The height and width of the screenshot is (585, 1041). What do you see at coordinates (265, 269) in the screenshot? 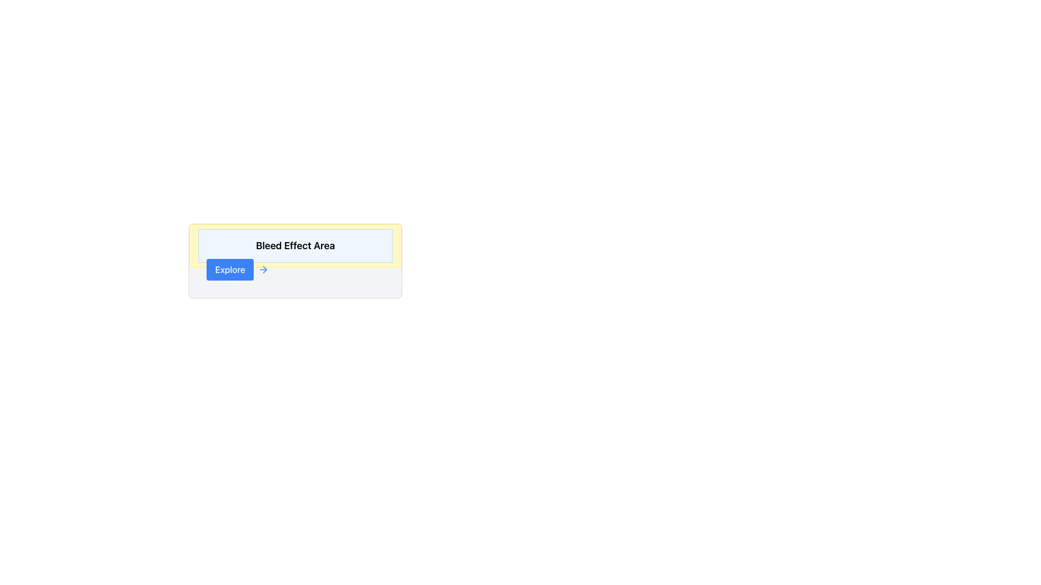
I see `the arrow icon that represents navigation forward, located to the right of the 'Explore' button` at bounding box center [265, 269].